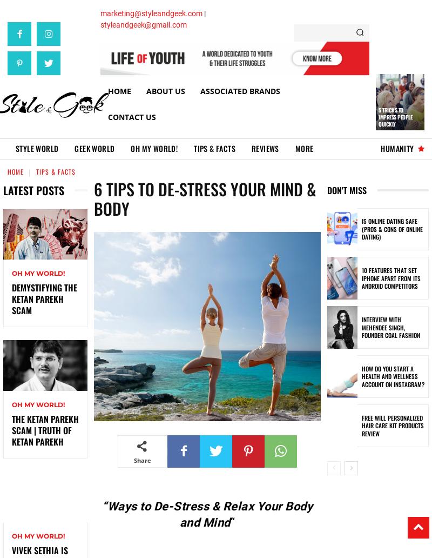  Describe the element at coordinates (143, 25) in the screenshot. I see `'styleandgeek@gmail.com'` at that location.